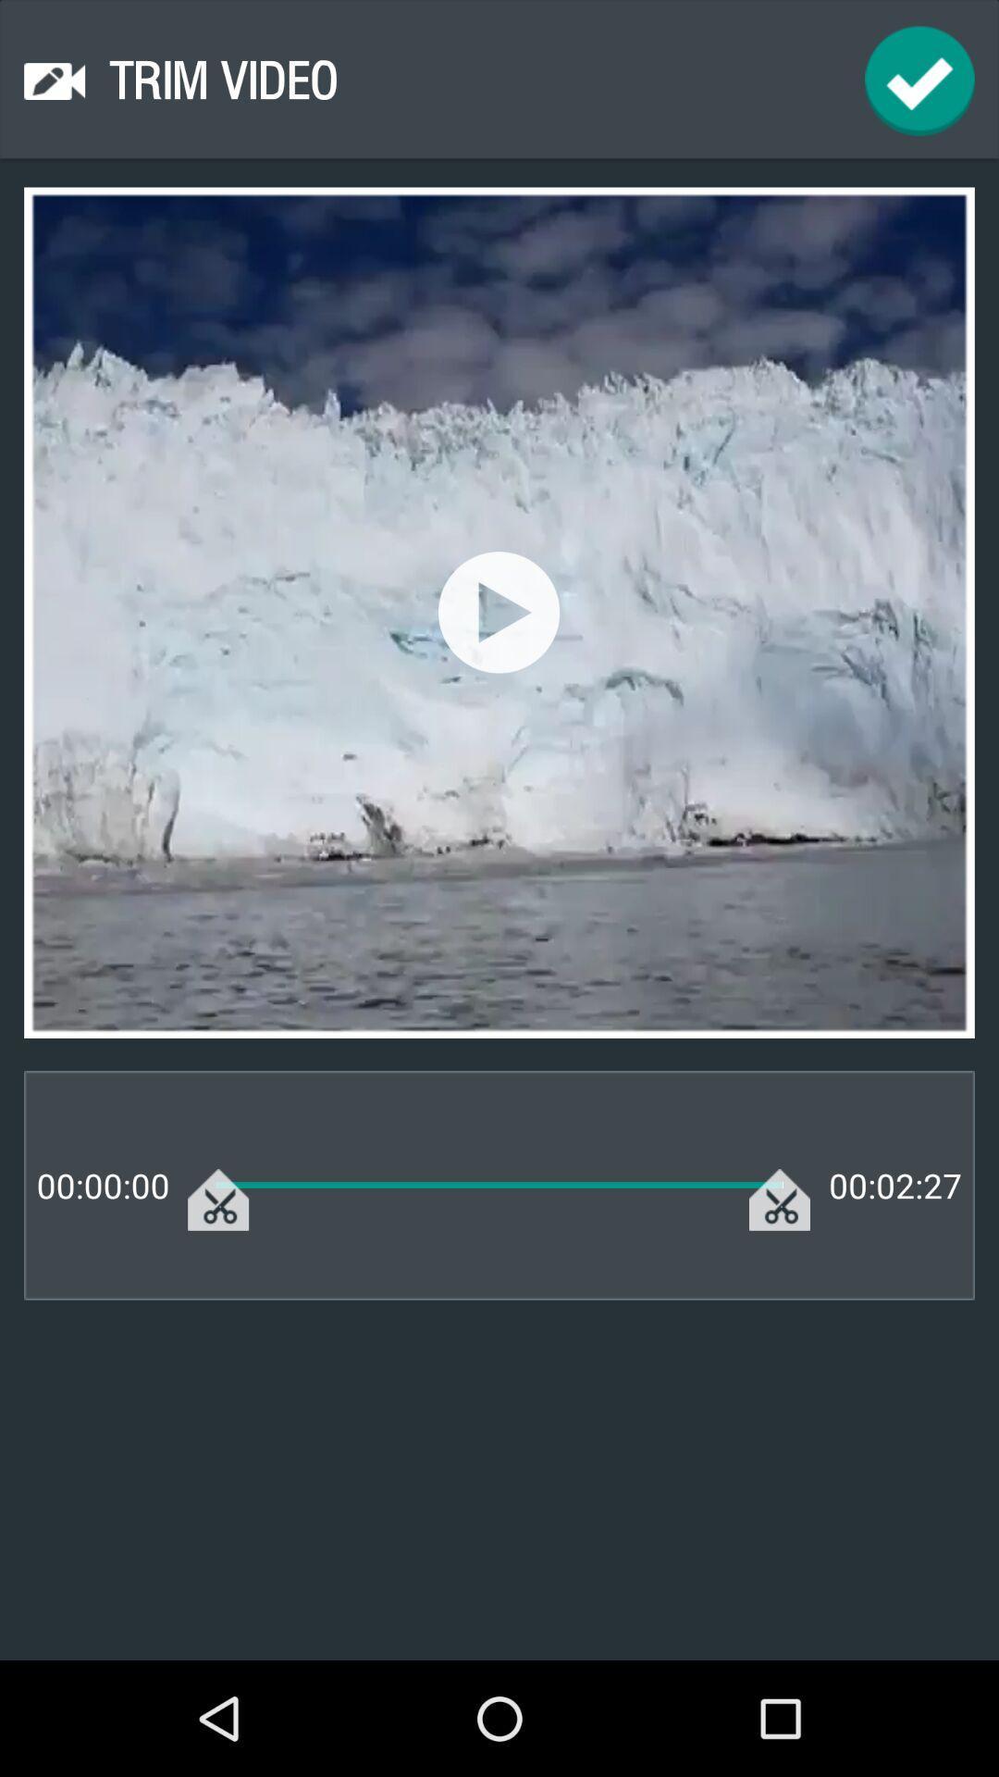 The image size is (999, 1777). Describe the element at coordinates (498, 612) in the screenshot. I see `the video` at that location.